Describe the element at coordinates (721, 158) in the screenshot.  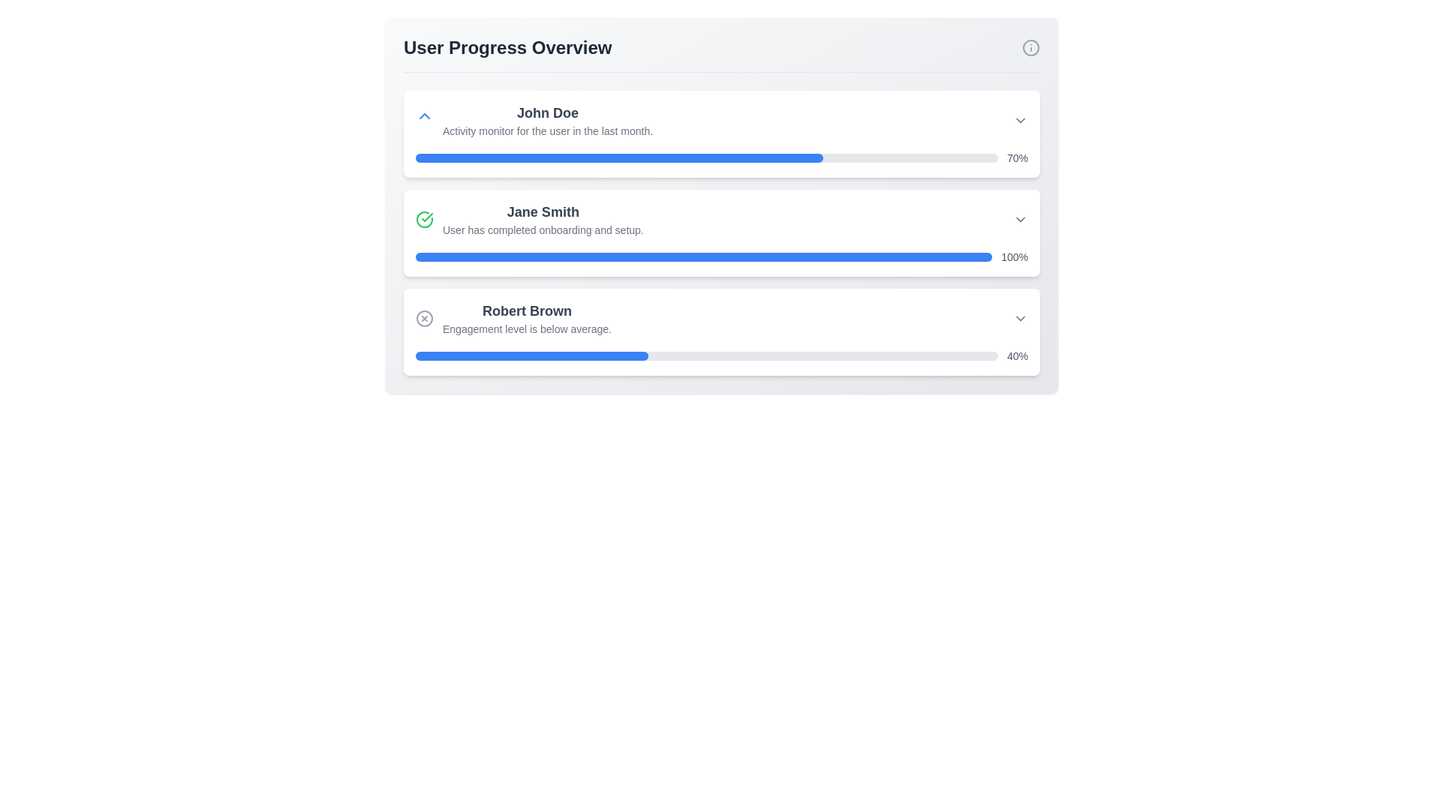
I see `the progress bar representing 70% activity level for user John Doe` at that location.